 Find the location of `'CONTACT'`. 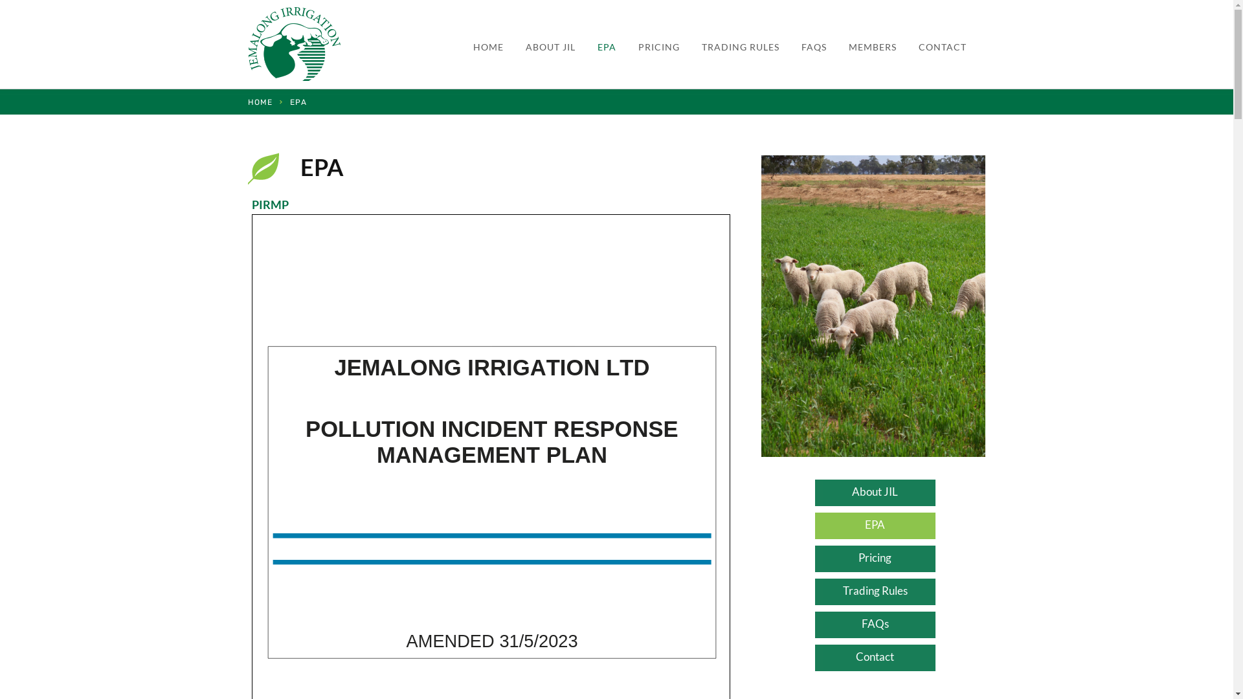

'CONTACT' is located at coordinates (941, 46).